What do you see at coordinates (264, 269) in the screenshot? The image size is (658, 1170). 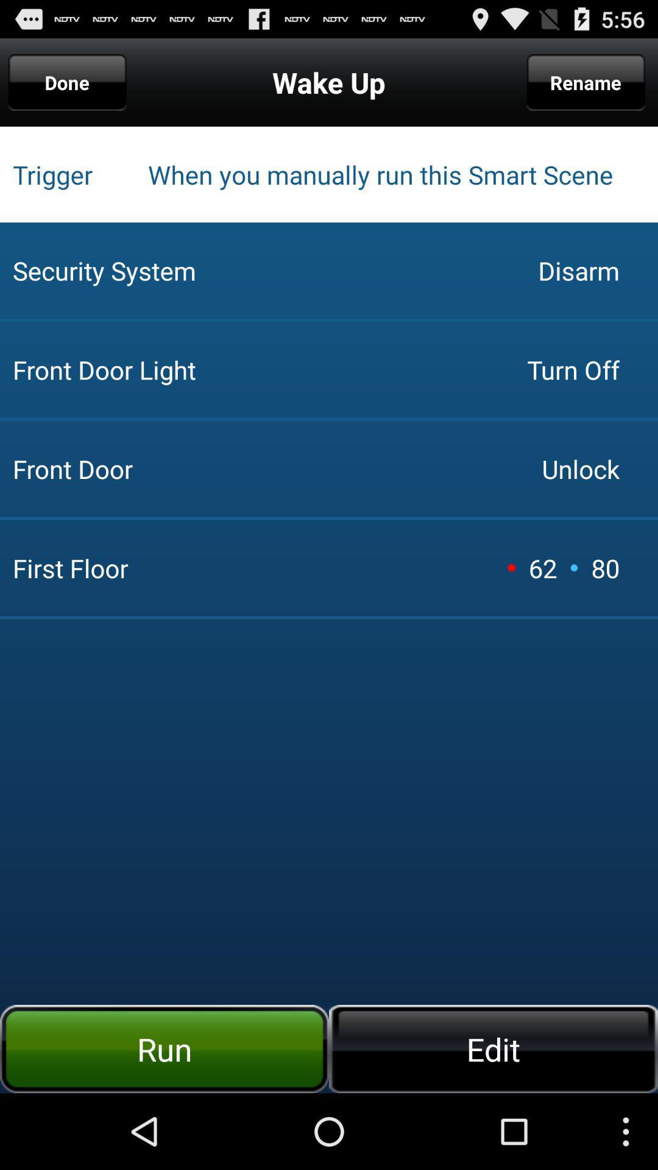 I see `icon to the left of turn off icon` at bounding box center [264, 269].